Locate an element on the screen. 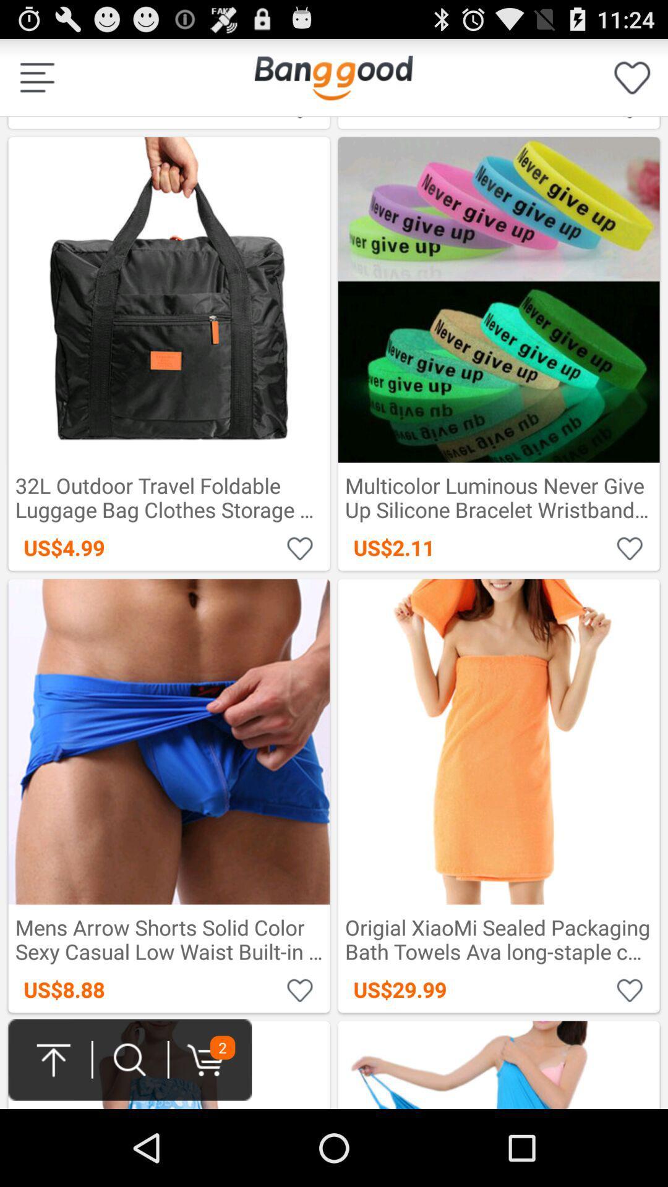 The image size is (668, 1187). main menu is located at coordinates (333, 77).